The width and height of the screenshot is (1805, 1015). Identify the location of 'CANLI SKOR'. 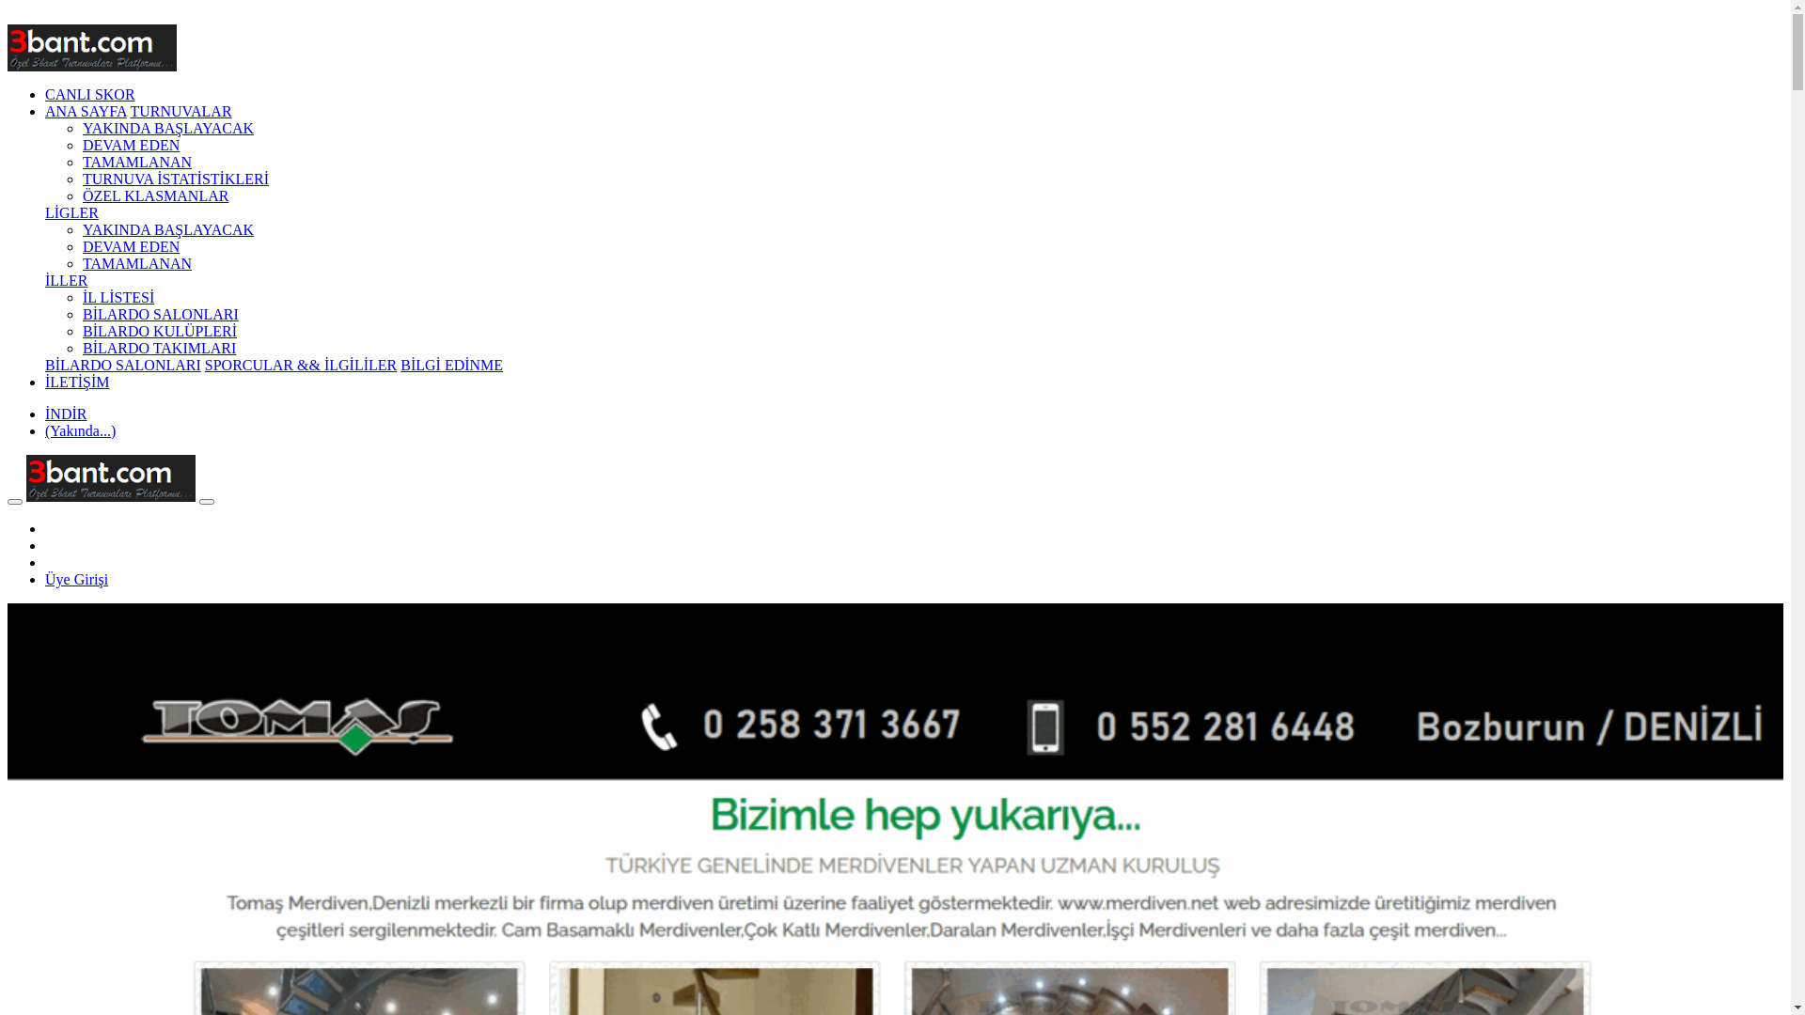
(45, 94).